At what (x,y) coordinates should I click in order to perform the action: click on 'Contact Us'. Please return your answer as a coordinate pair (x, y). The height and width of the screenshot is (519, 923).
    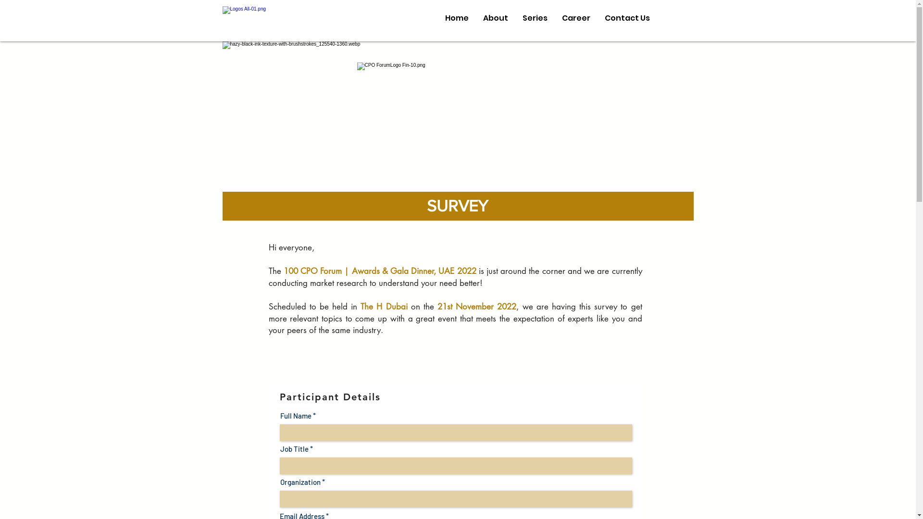
    Looking at the image, I should click on (597, 18).